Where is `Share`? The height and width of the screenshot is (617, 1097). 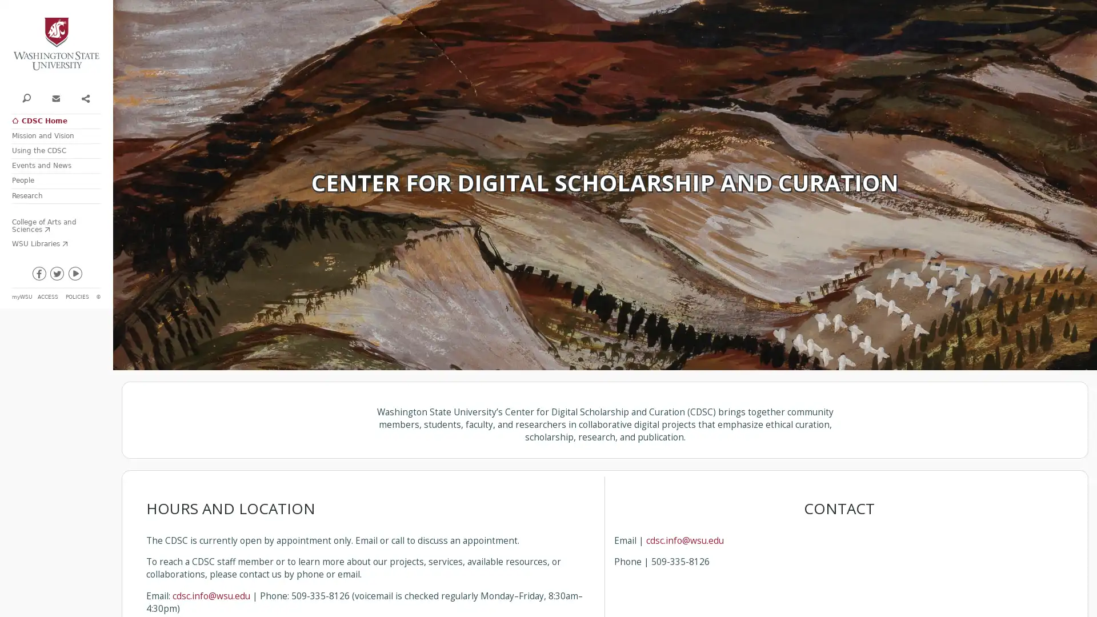 Share is located at coordinates (84, 97).